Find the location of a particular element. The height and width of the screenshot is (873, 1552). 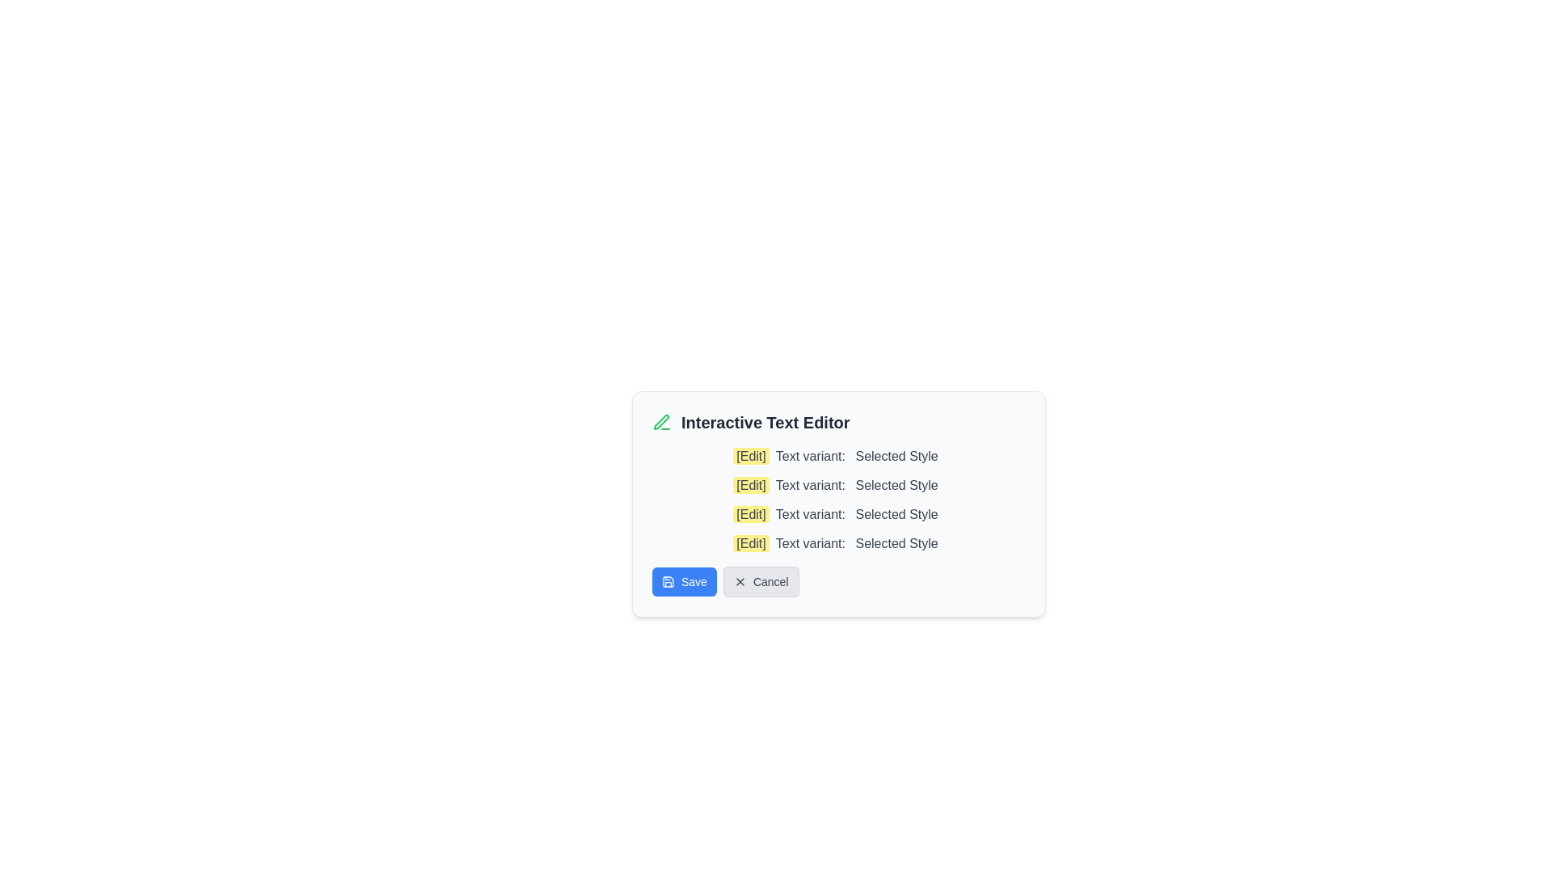

the save button located at the bottom-left part of the modal dialog to initiate the save action is located at coordinates (684, 582).